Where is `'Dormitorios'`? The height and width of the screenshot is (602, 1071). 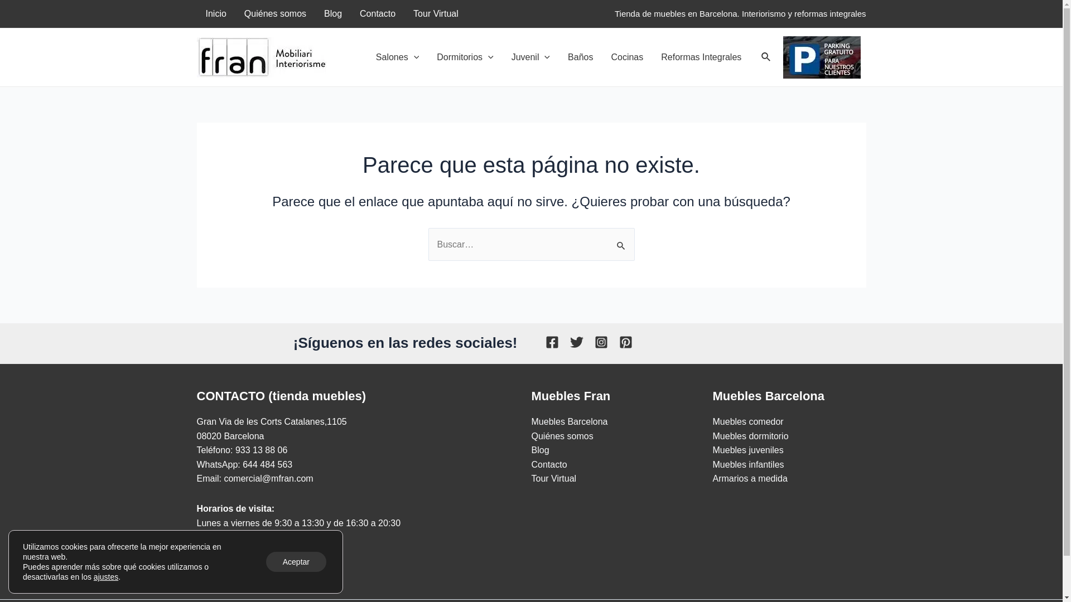 'Dormitorios' is located at coordinates (427, 57).